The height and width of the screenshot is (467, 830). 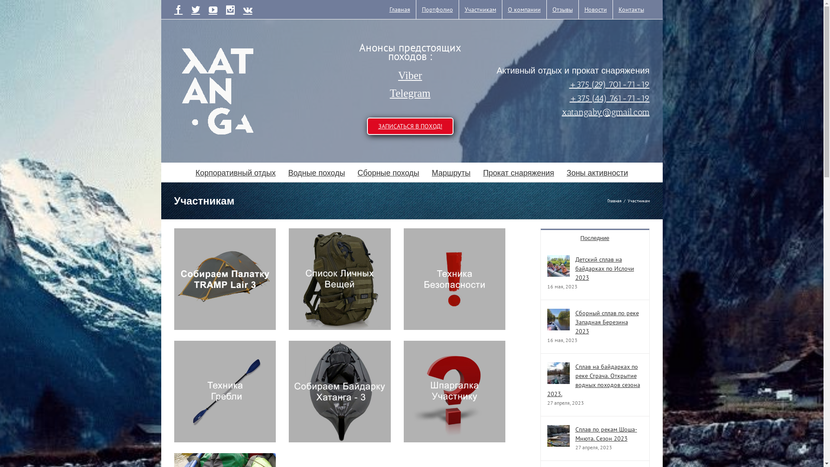 What do you see at coordinates (410, 75) in the screenshot?
I see `'Viber'` at bounding box center [410, 75].